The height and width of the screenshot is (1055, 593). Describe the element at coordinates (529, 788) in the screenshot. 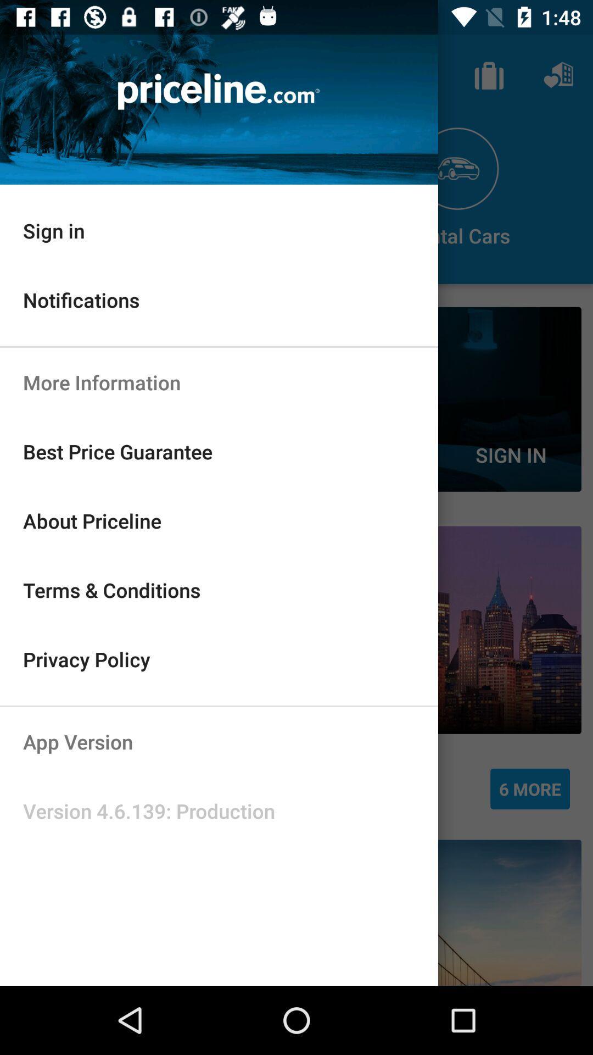

I see `the blue color button at bottom right` at that location.